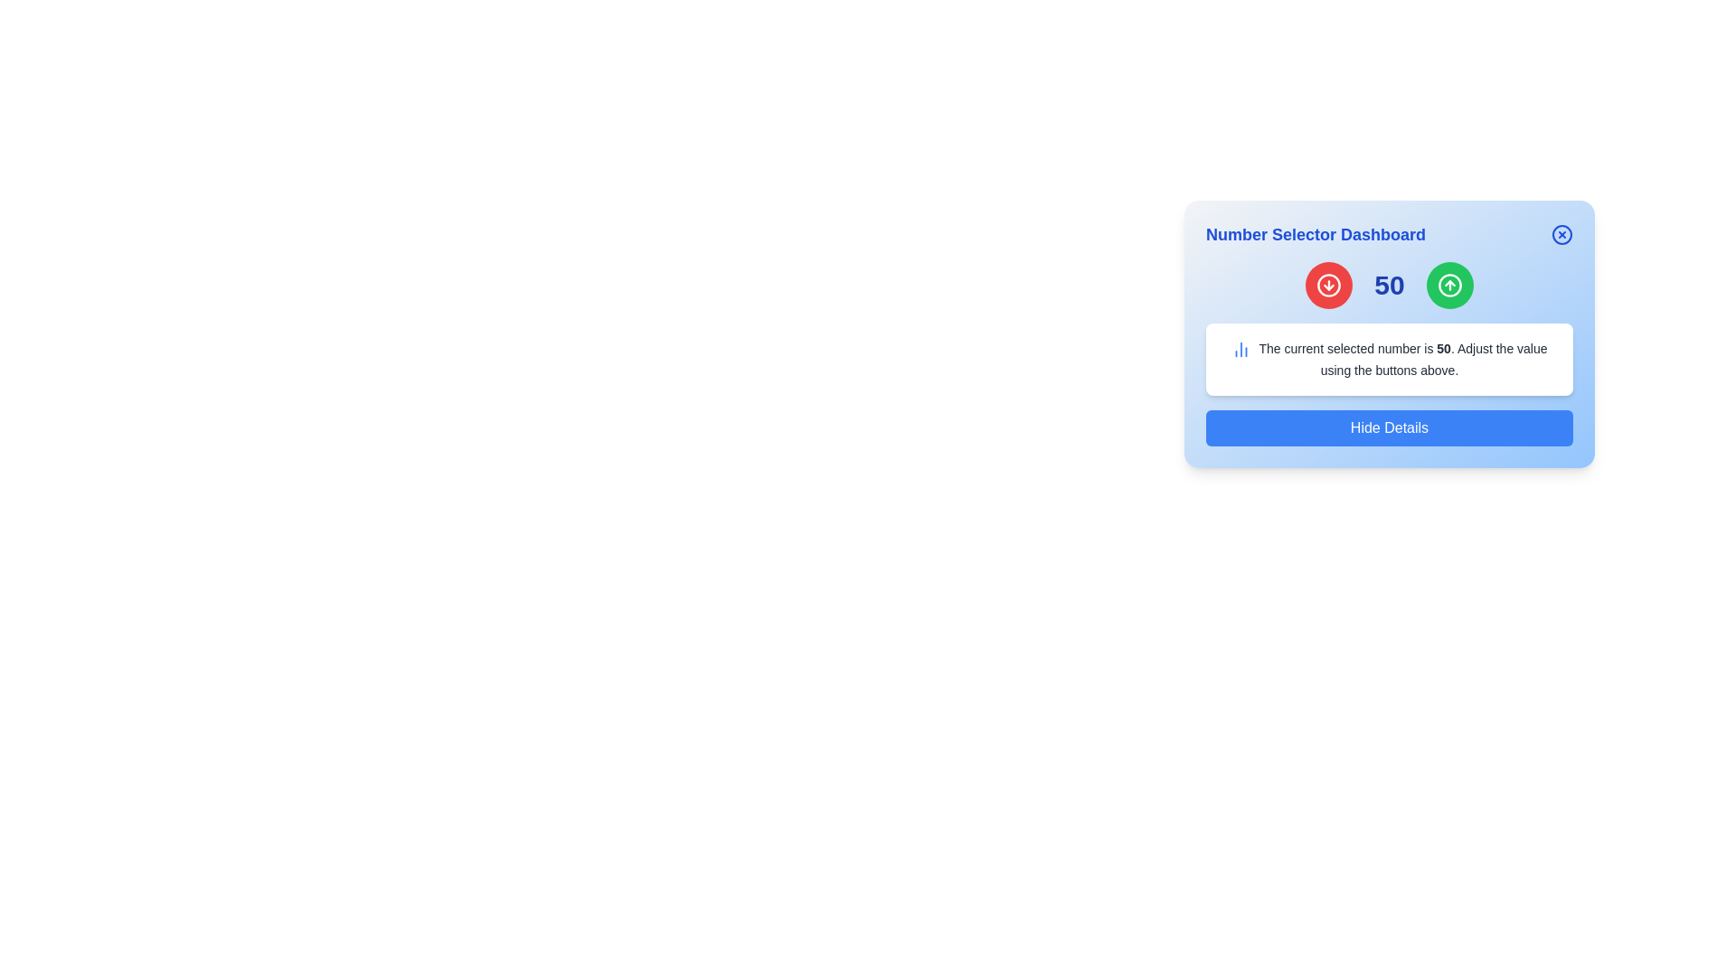 The height and width of the screenshot is (976, 1736). What do you see at coordinates (1449, 285) in the screenshot?
I see `the circular green button with an upward-pointing white arrow to increase the value` at bounding box center [1449, 285].